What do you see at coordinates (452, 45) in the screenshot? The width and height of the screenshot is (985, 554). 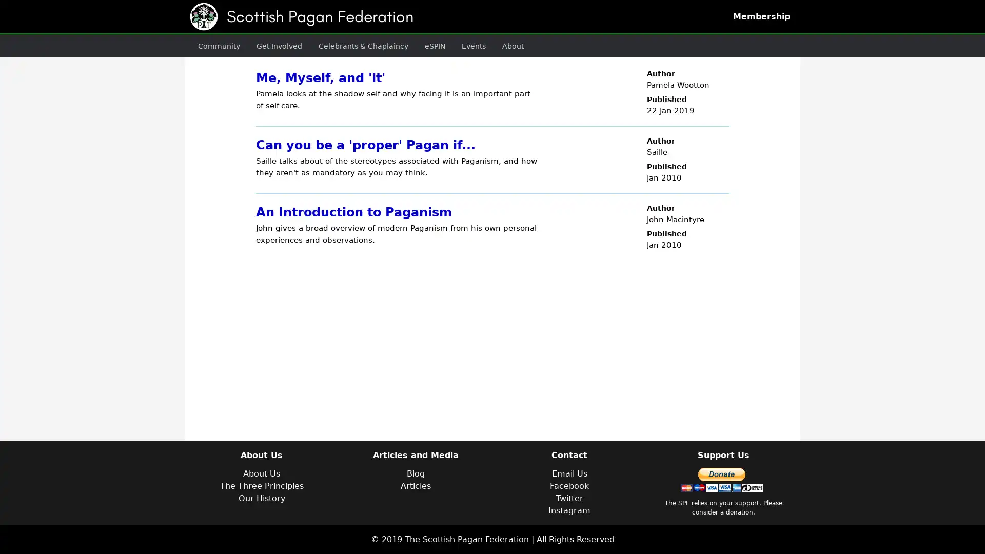 I see `Events` at bounding box center [452, 45].